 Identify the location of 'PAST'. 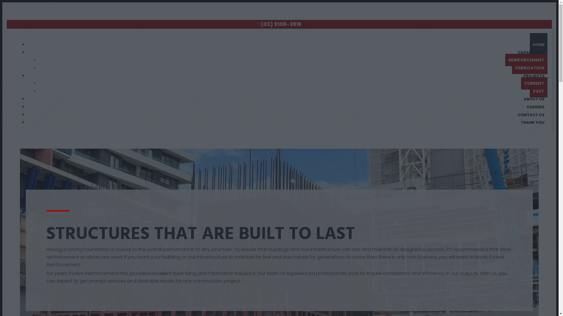
(539, 91).